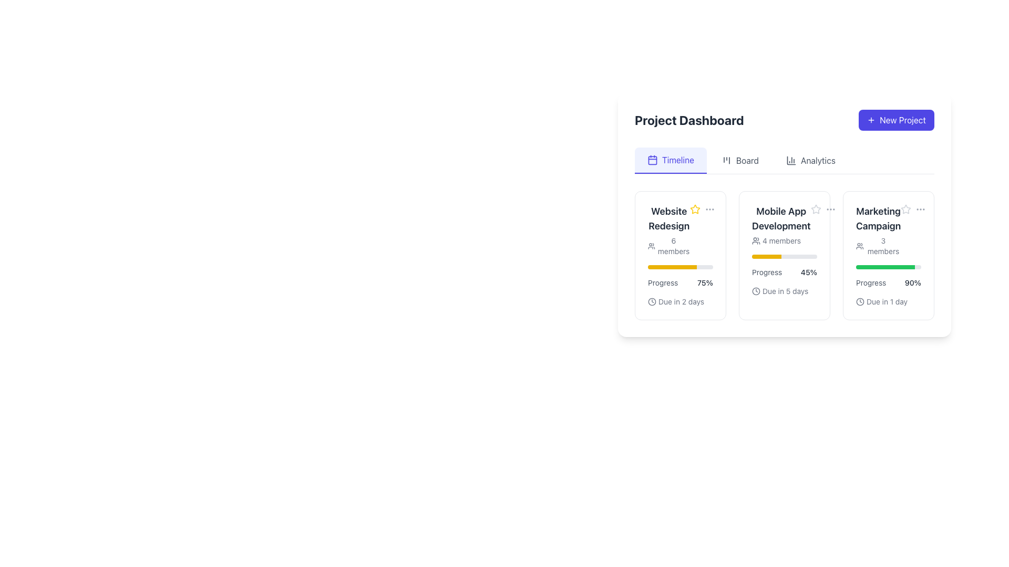 The height and width of the screenshot is (567, 1009). I want to click on the Navigation menu with interactive links located below the 'Project Dashboard' title to trigger tooltip or hover effects, so click(784, 160).